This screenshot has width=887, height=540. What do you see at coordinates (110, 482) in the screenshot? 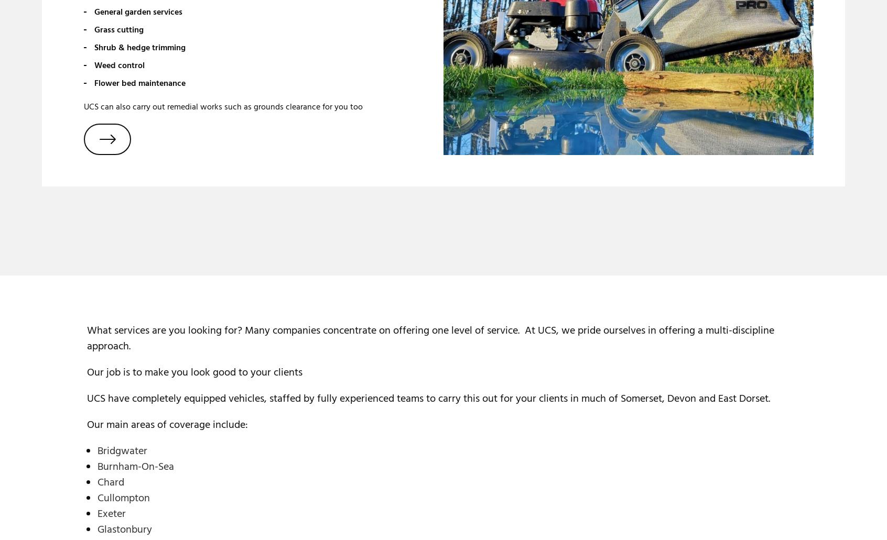
I see `'Chard'` at bounding box center [110, 482].